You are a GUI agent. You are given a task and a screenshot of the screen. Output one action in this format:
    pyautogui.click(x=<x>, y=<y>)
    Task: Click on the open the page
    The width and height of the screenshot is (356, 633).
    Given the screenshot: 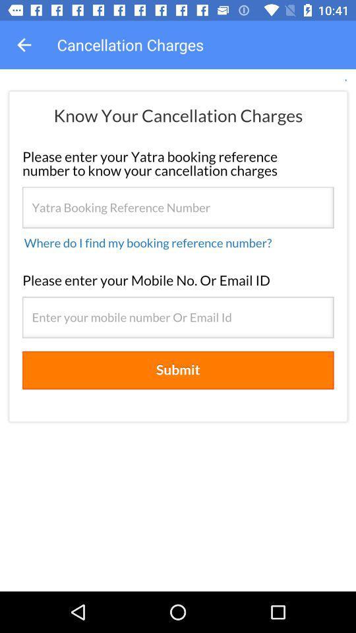 What is the action you would take?
    pyautogui.click(x=178, y=330)
    